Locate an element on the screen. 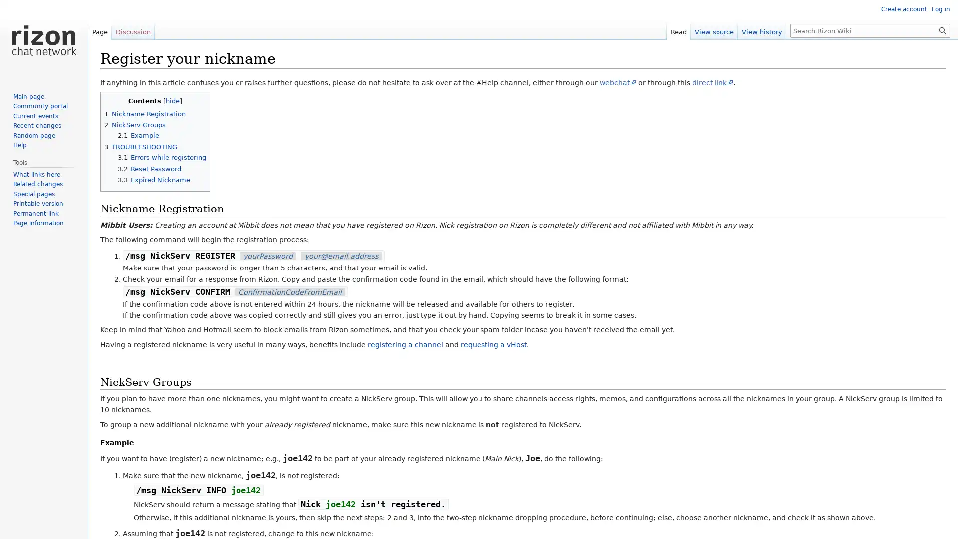 This screenshot has width=958, height=539. Search is located at coordinates (942, 30).